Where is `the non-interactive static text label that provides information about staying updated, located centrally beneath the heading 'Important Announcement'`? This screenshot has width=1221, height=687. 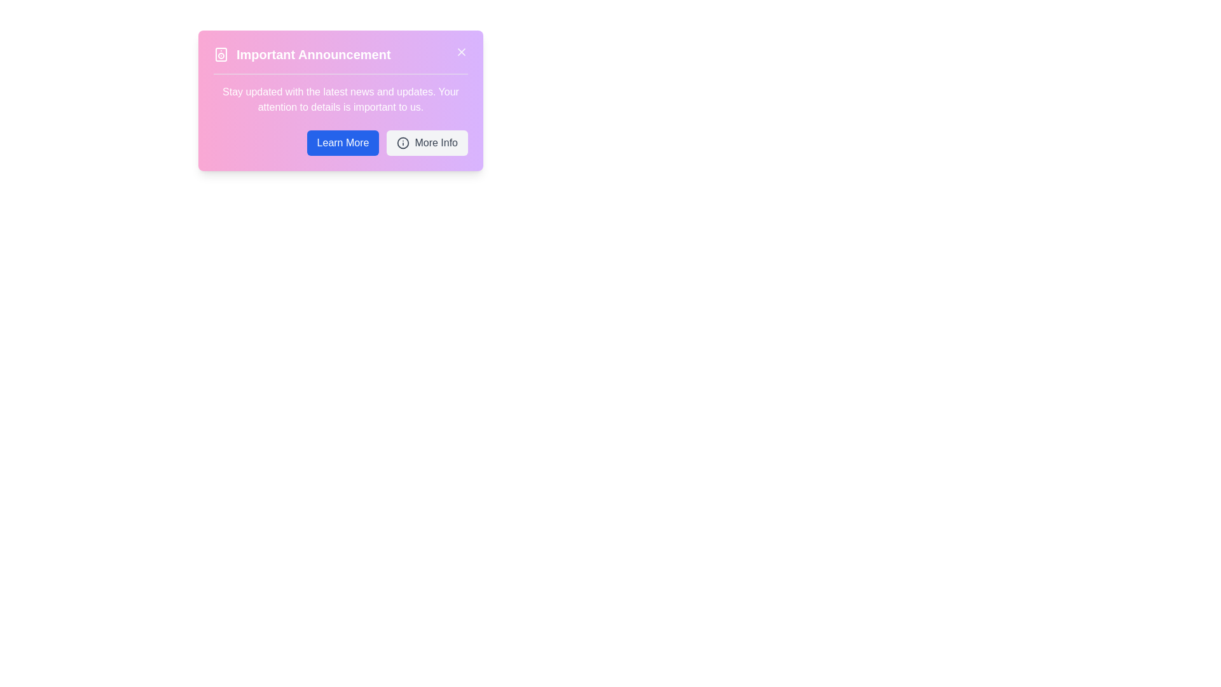
the non-interactive static text label that provides information about staying updated, located centrally beneath the heading 'Important Announcement' is located at coordinates (341, 99).